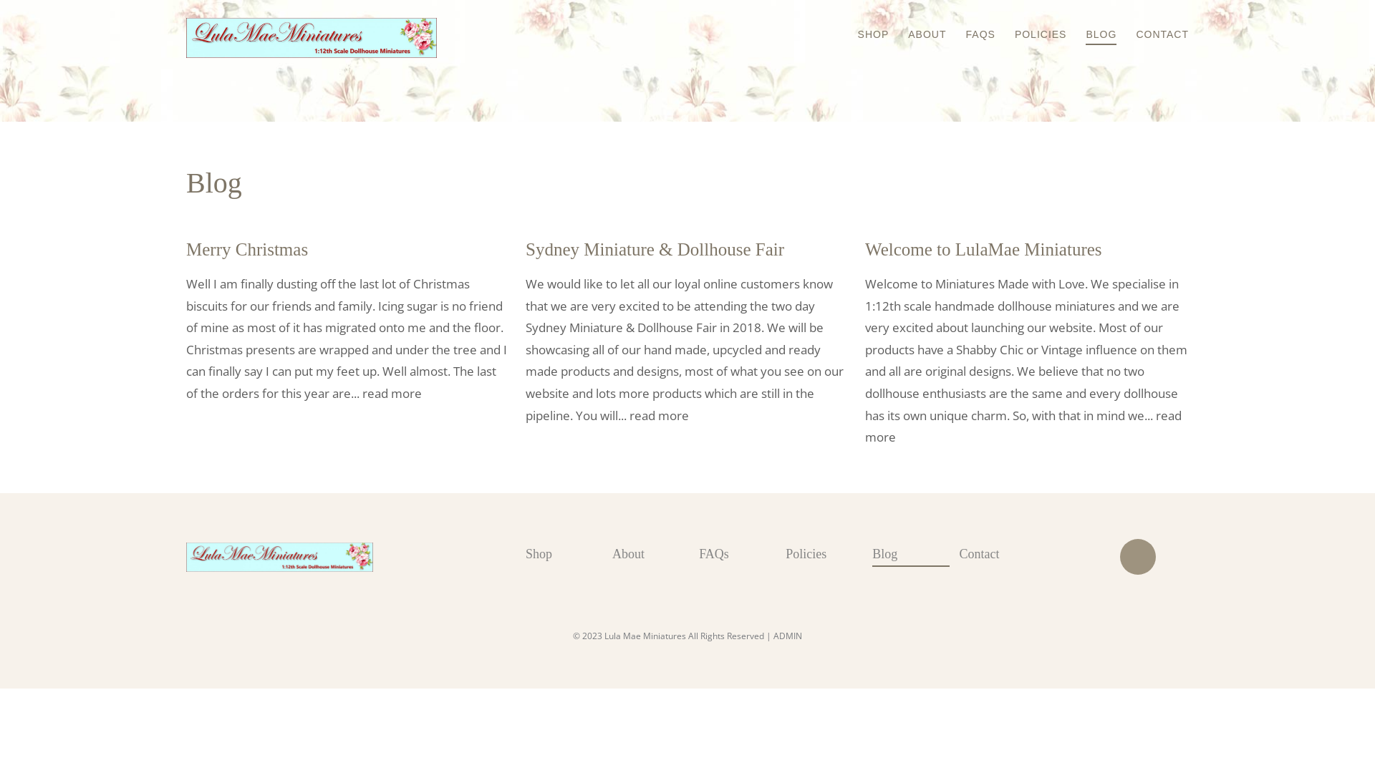 This screenshot has width=1375, height=773. Describe the element at coordinates (185, 557) in the screenshot. I see `'Lula Mae Miniatures'` at that location.